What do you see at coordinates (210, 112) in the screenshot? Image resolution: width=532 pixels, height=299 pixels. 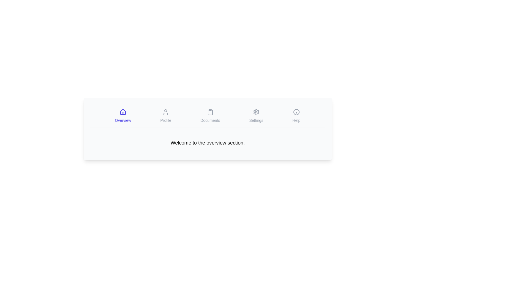 I see `the 'Documents' icon located centrally in the navigation bar between 'Profile' and 'Settings'` at bounding box center [210, 112].